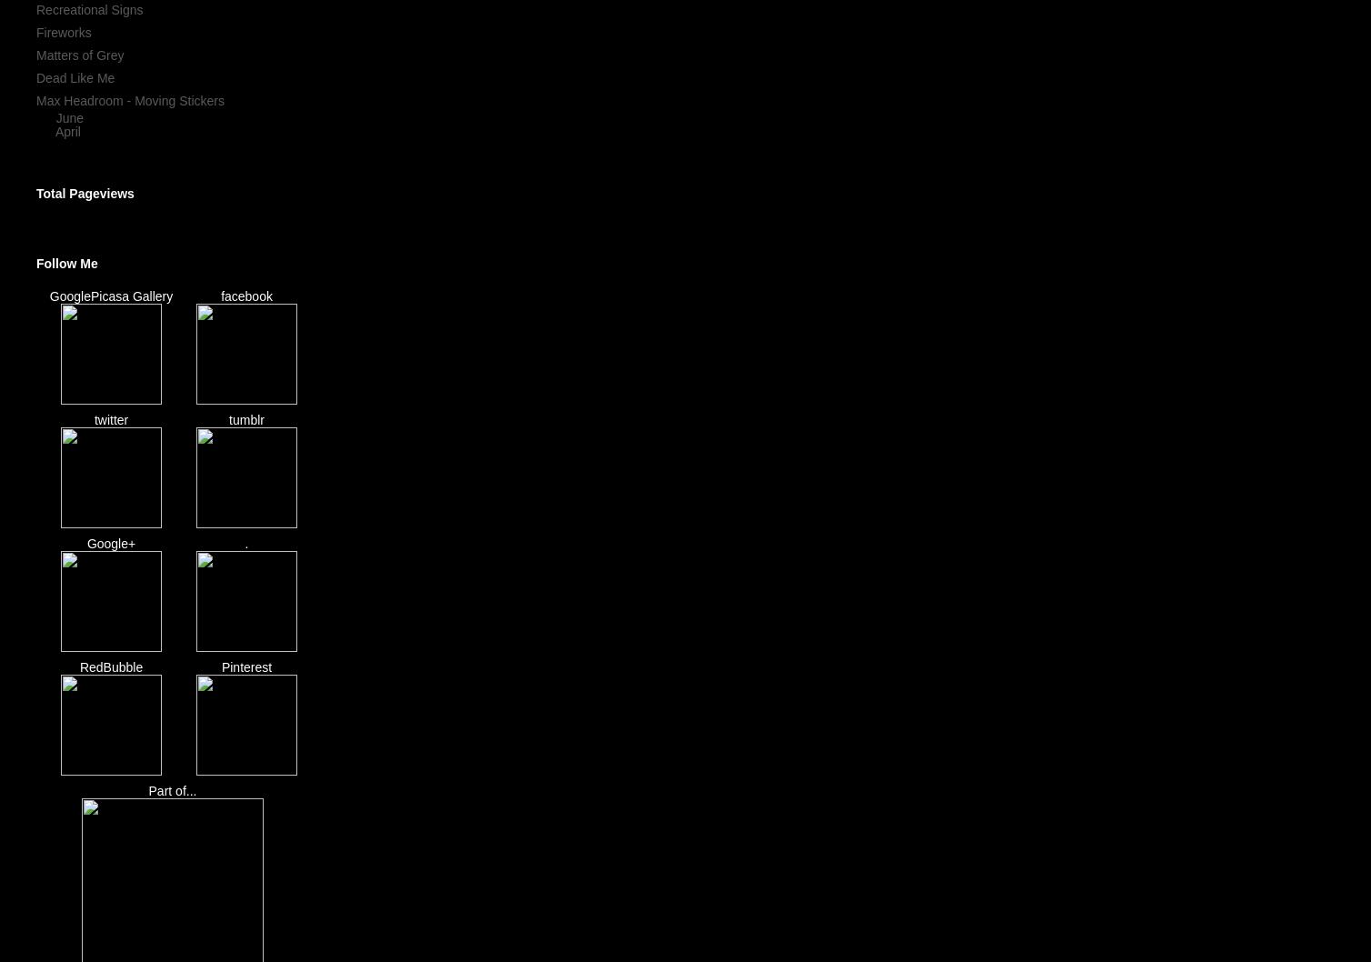  What do you see at coordinates (129, 99) in the screenshot?
I see `'Max Headroom - Moving Stickers'` at bounding box center [129, 99].